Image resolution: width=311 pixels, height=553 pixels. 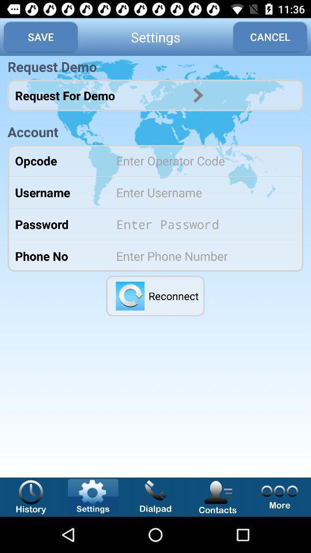 I want to click on next option, so click(x=198, y=94).